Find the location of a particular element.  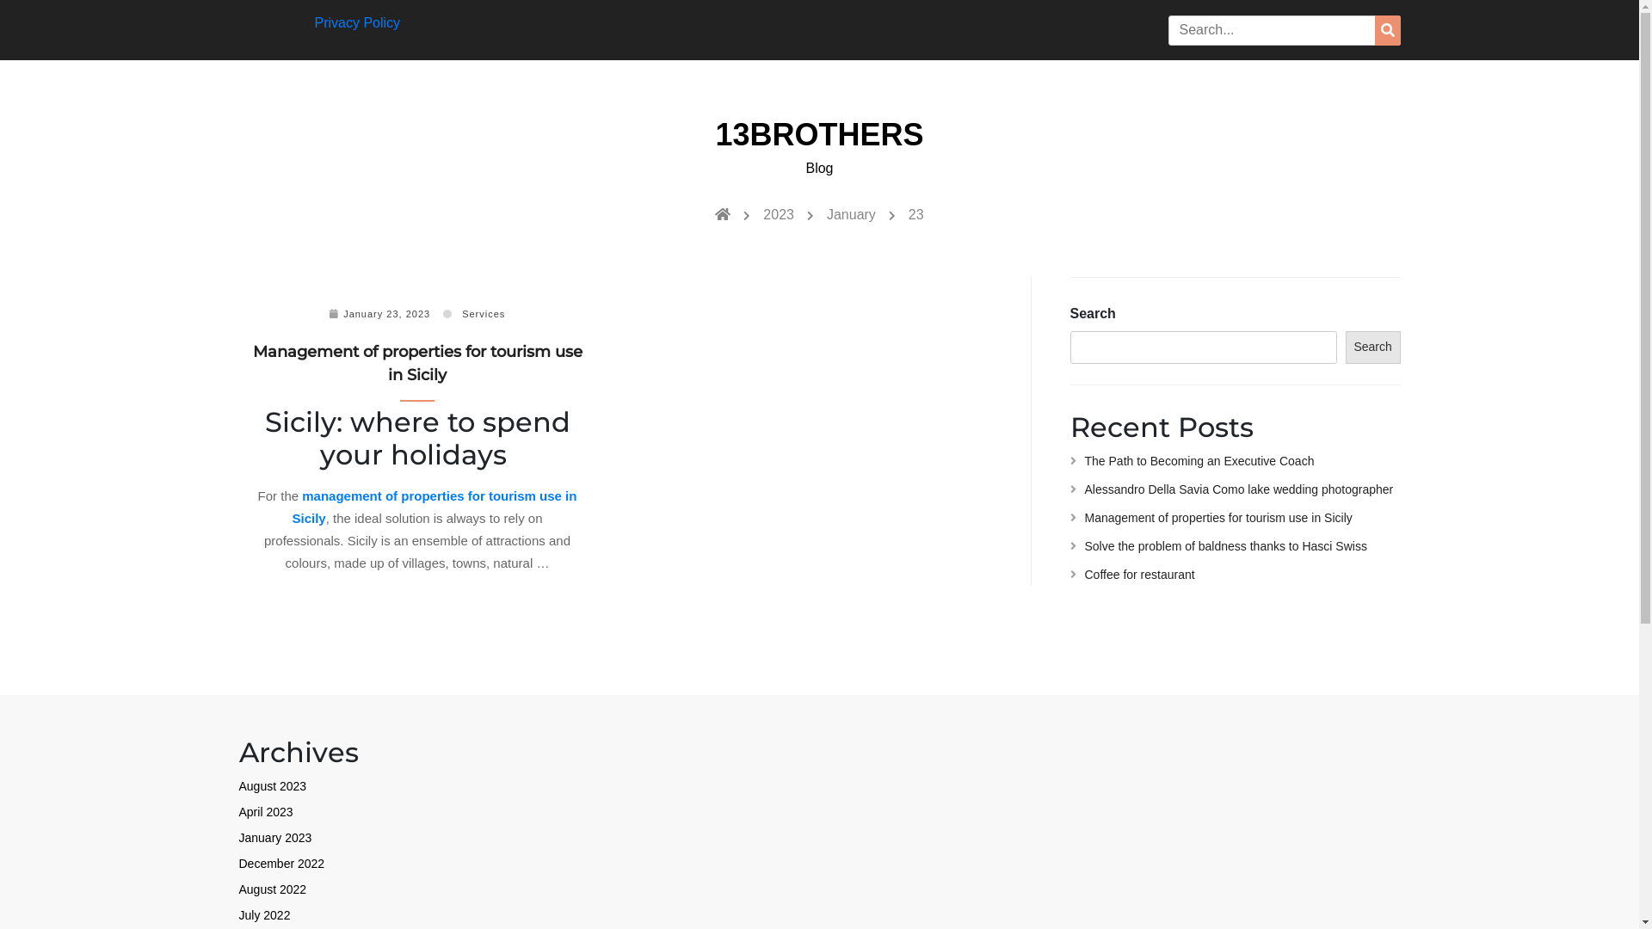

'Search' is located at coordinates (1372, 348).